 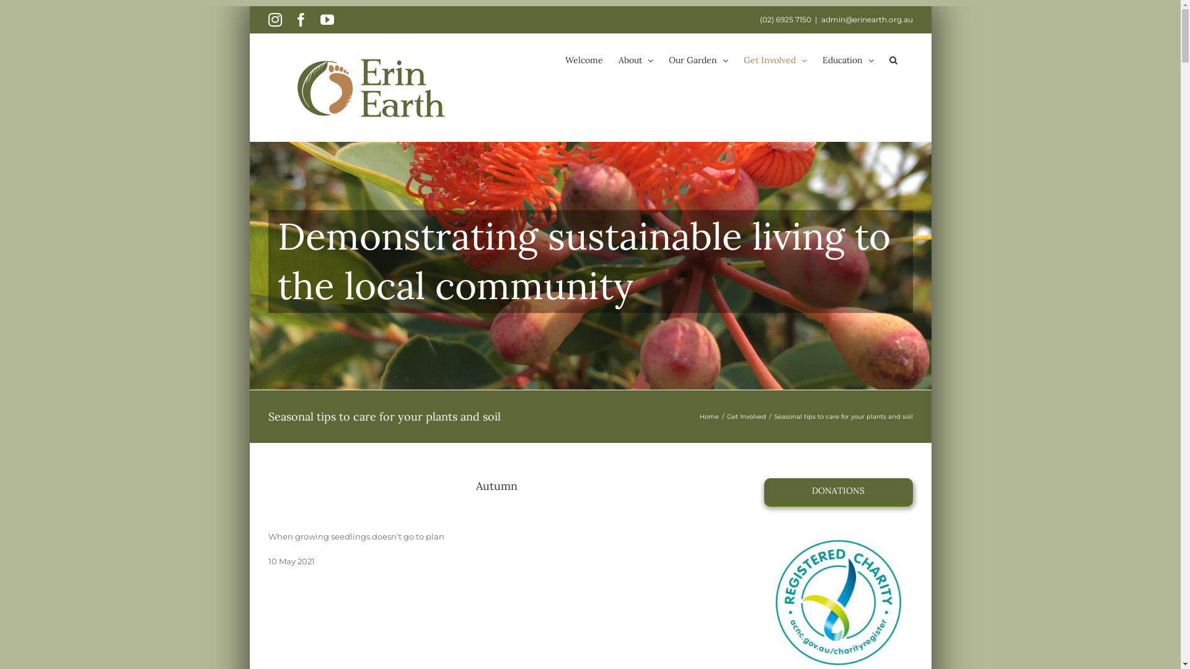 I want to click on 'Education', so click(x=847, y=59).